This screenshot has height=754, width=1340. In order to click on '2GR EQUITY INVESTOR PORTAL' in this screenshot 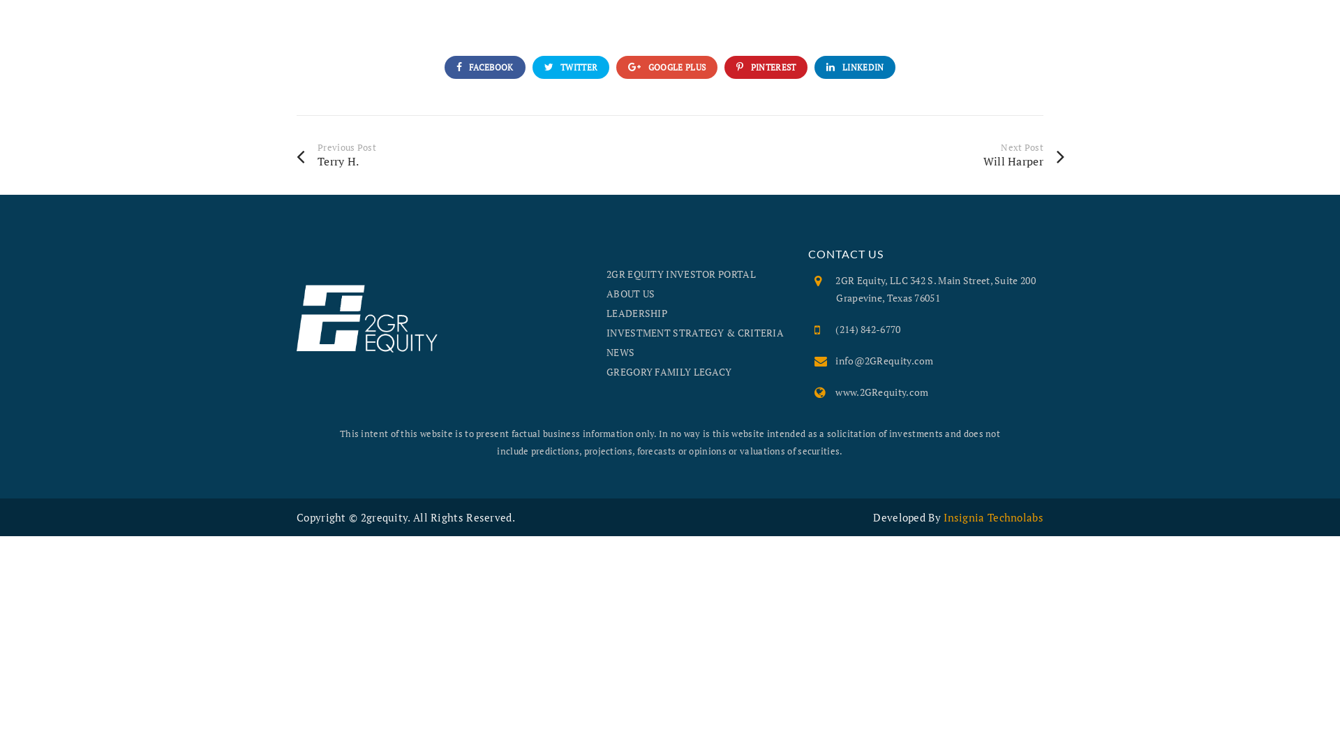, I will do `click(680, 274)`.